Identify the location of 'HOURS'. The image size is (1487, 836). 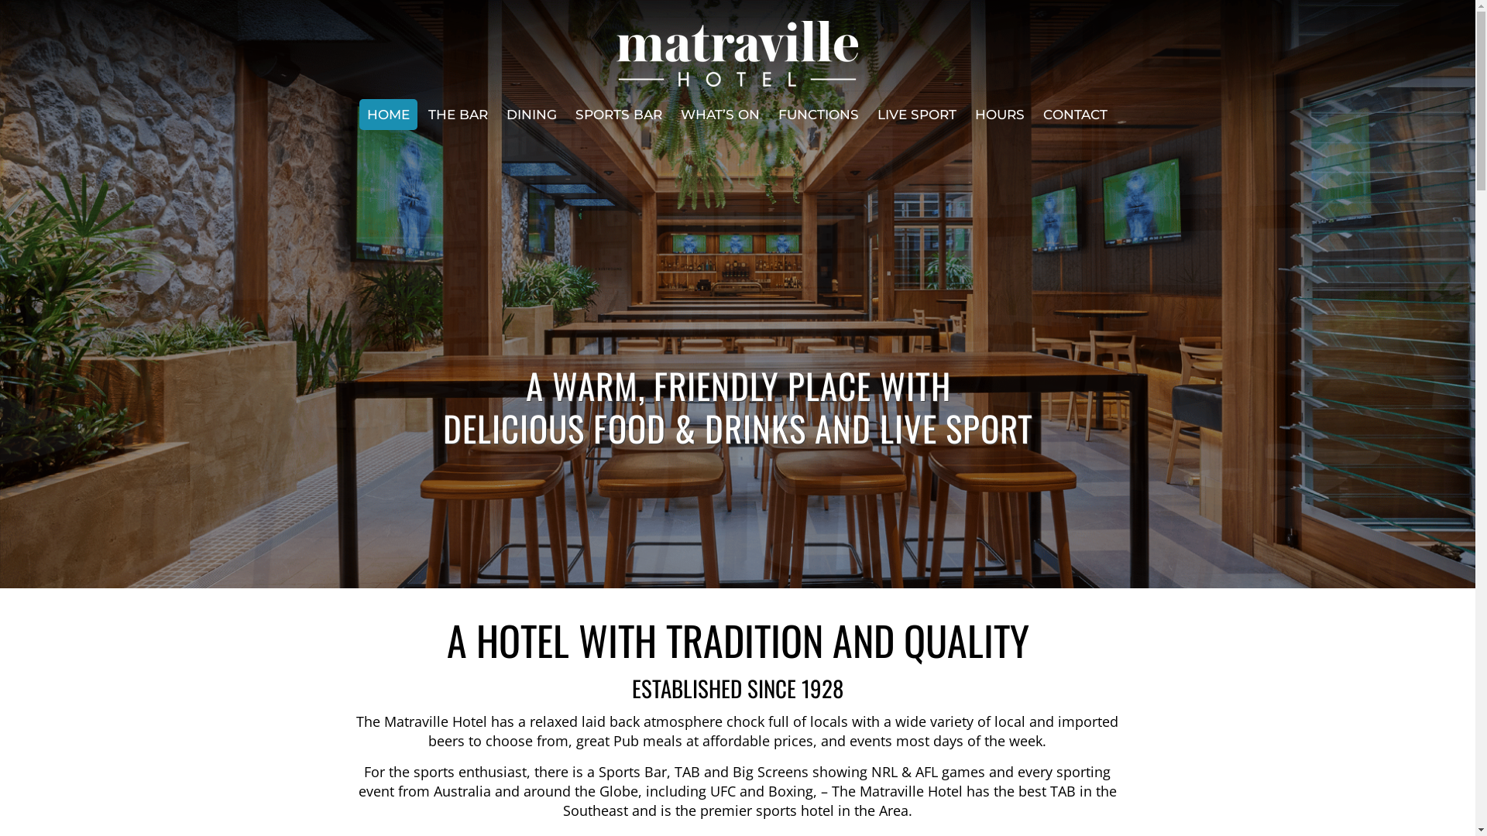
(1000, 113).